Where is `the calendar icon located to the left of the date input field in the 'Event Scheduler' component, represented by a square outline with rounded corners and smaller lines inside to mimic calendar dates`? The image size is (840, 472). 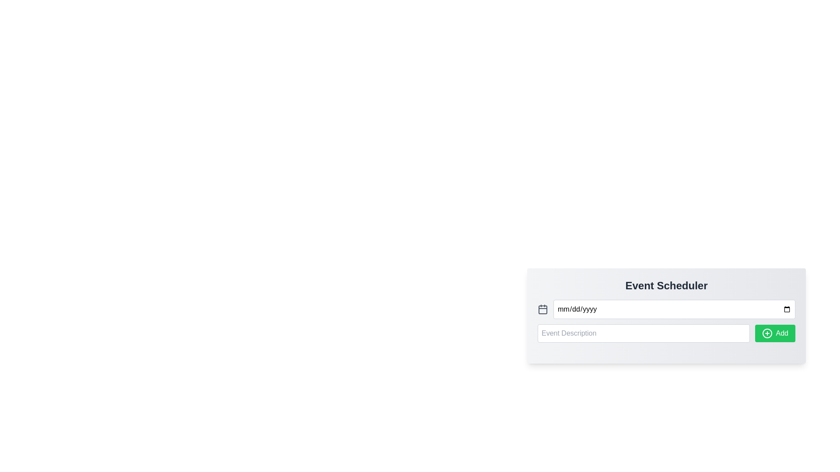 the calendar icon located to the left of the date input field in the 'Event Scheduler' component, represented by a square outline with rounded corners and smaller lines inside to mimic calendar dates is located at coordinates (542, 309).